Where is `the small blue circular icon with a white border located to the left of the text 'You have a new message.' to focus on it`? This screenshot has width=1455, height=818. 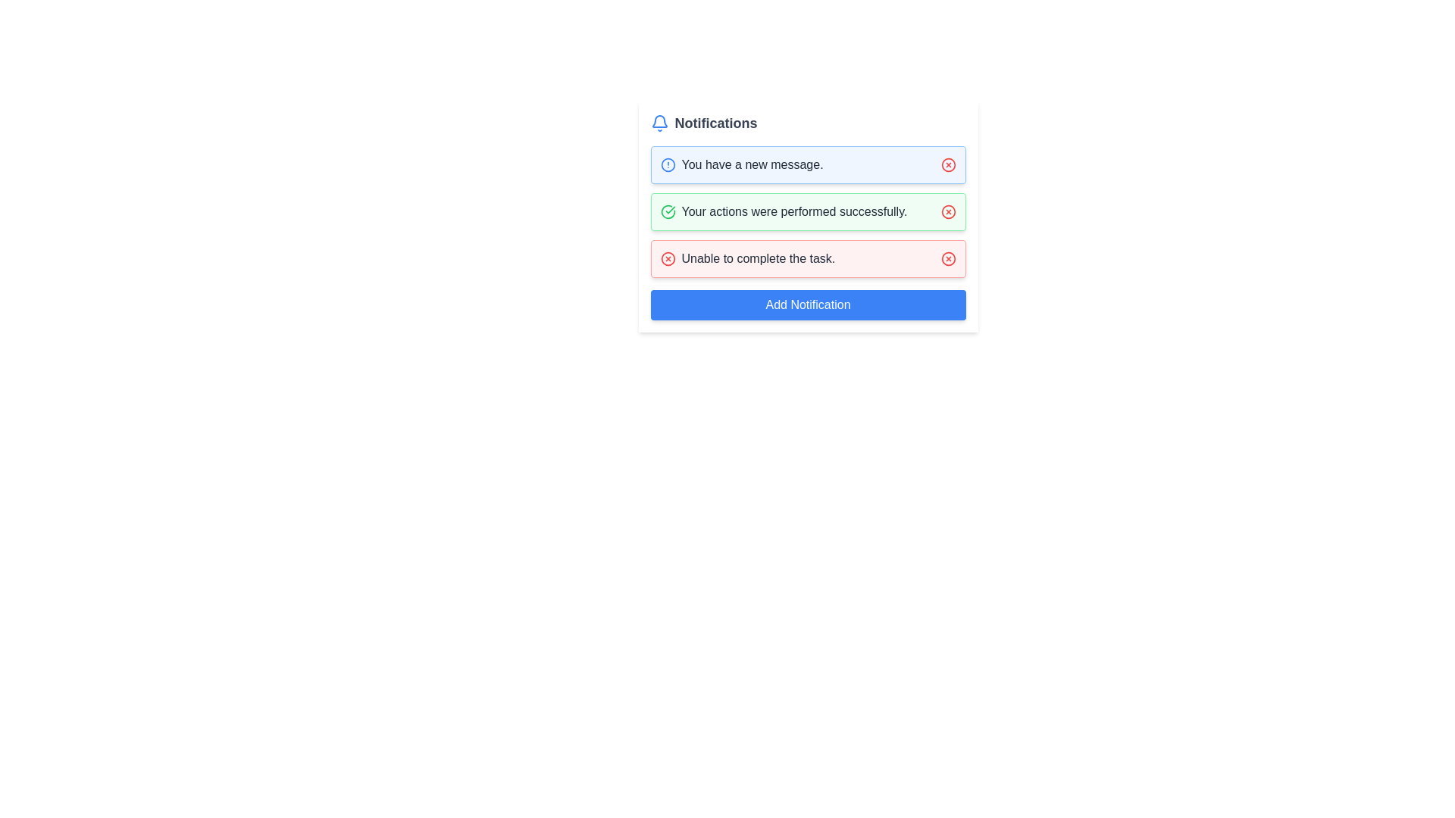 the small blue circular icon with a white border located to the left of the text 'You have a new message.' to focus on it is located at coordinates (667, 165).